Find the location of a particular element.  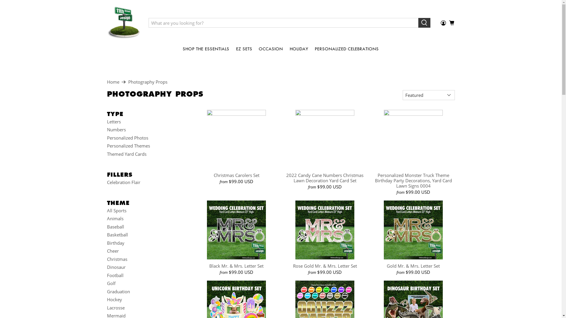

'Home' is located at coordinates (113, 82).